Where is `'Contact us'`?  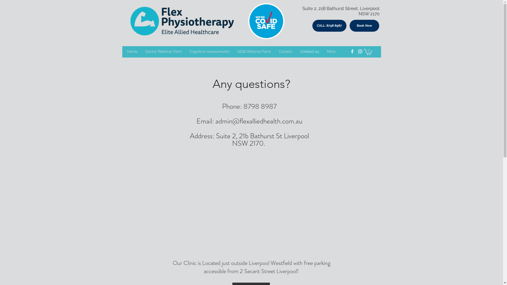
'Contact us' is located at coordinates (309, 51).